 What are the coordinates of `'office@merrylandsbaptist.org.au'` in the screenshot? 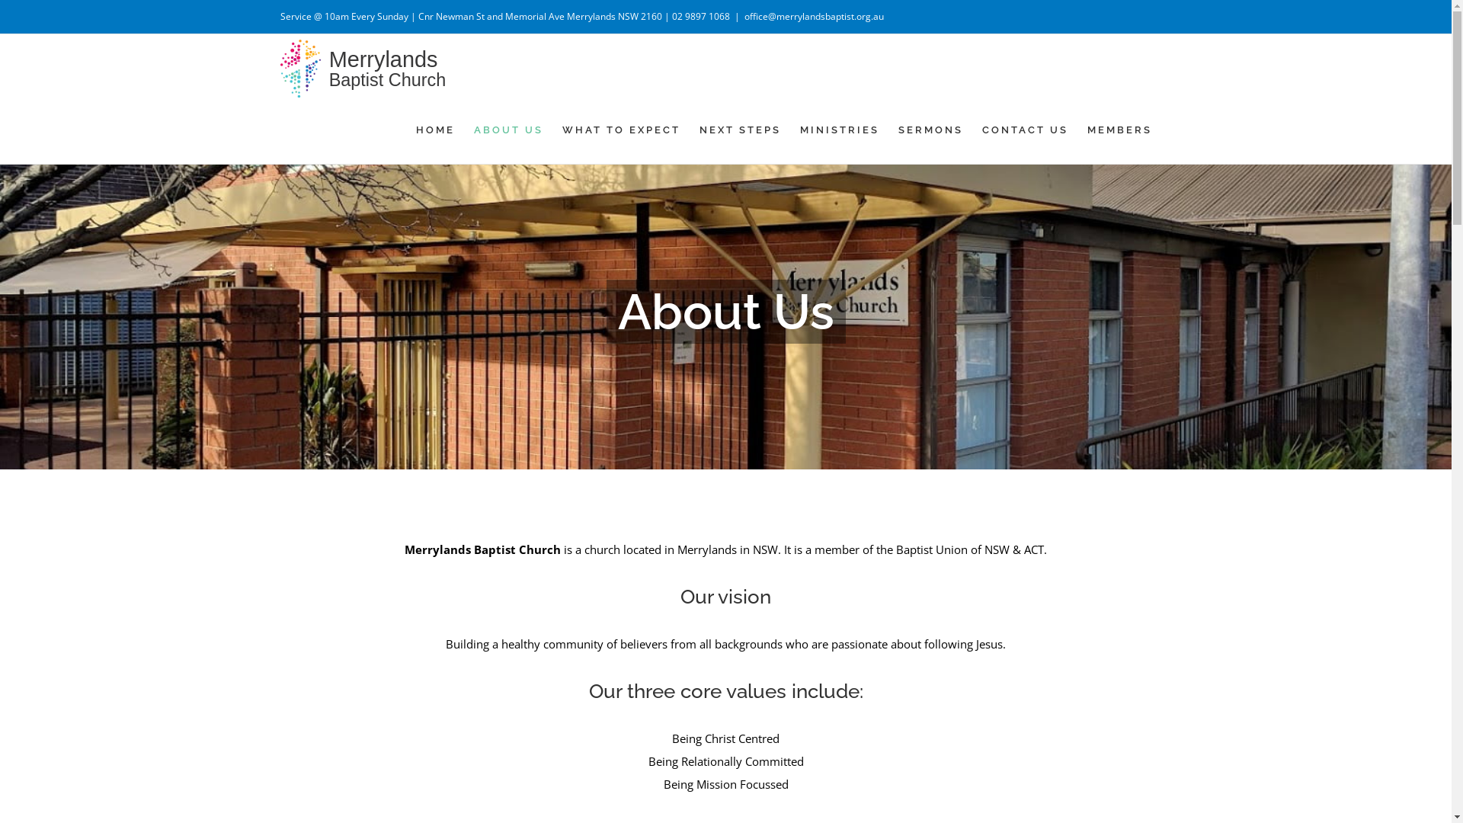 It's located at (813, 16).